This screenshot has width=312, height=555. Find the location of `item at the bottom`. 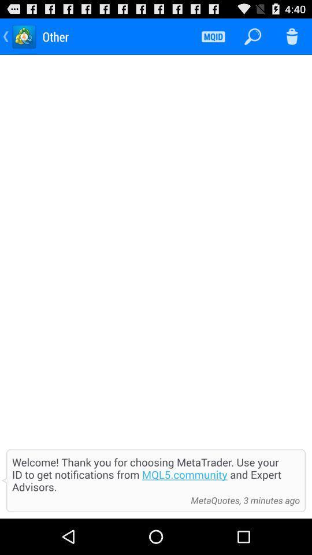

item at the bottom is located at coordinates (156, 474).